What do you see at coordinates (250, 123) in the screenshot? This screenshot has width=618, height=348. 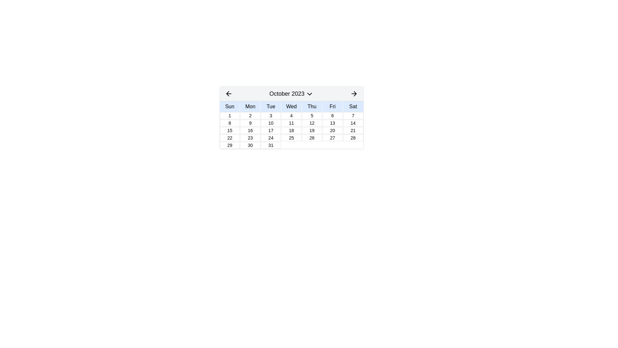 I see `the grid cell displaying the number '9' in the calendar layout` at bounding box center [250, 123].